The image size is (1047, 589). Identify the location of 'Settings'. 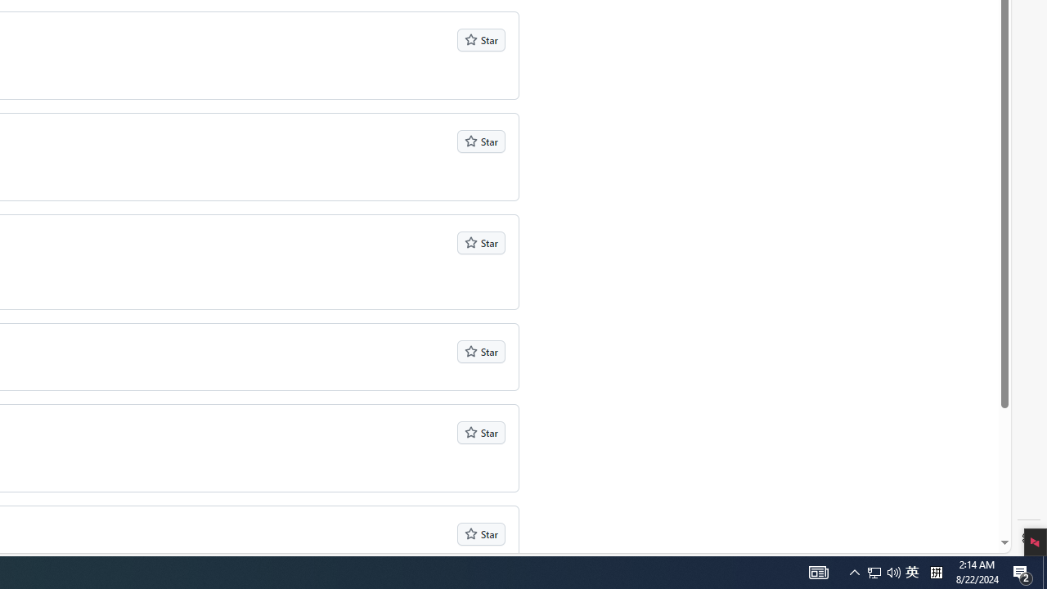
(1028, 538).